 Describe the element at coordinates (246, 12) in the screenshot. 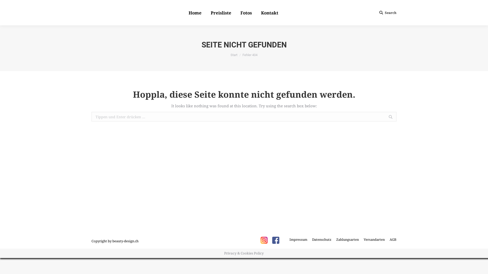

I see `'Fotos'` at that location.